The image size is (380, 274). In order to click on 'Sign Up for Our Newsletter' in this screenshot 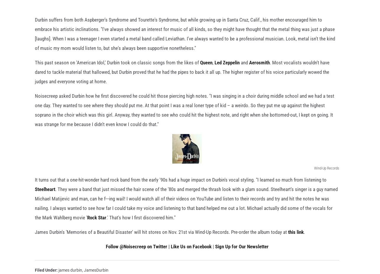, I will do `click(241, 256)`.